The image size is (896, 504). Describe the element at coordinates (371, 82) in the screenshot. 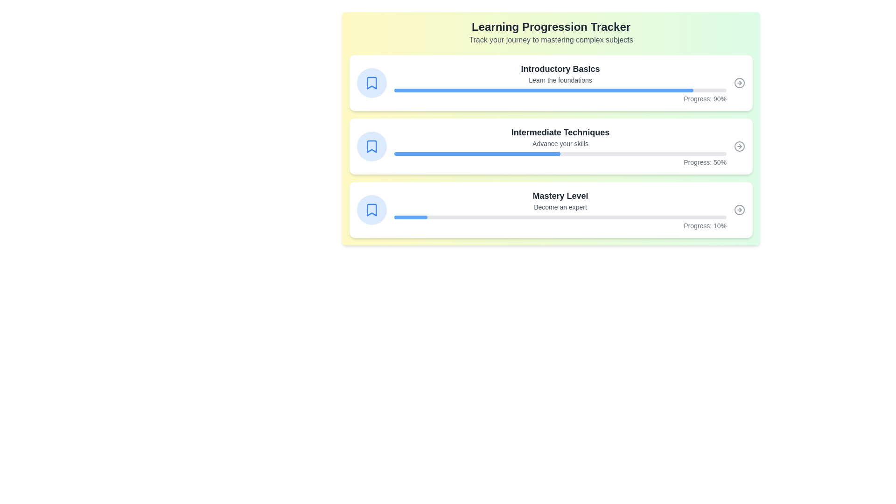

I see `the bookmark icon located inside a circular light blue background on the left side of the second row within a vertical list interface` at that location.